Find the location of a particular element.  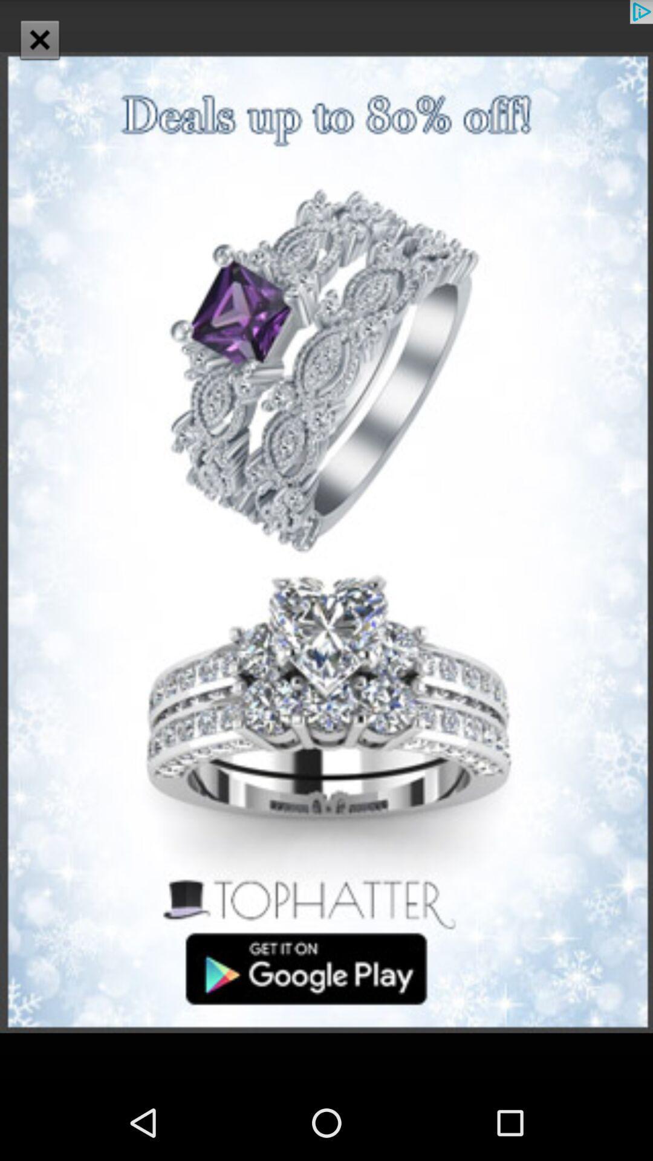

the close icon is located at coordinates (39, 42).